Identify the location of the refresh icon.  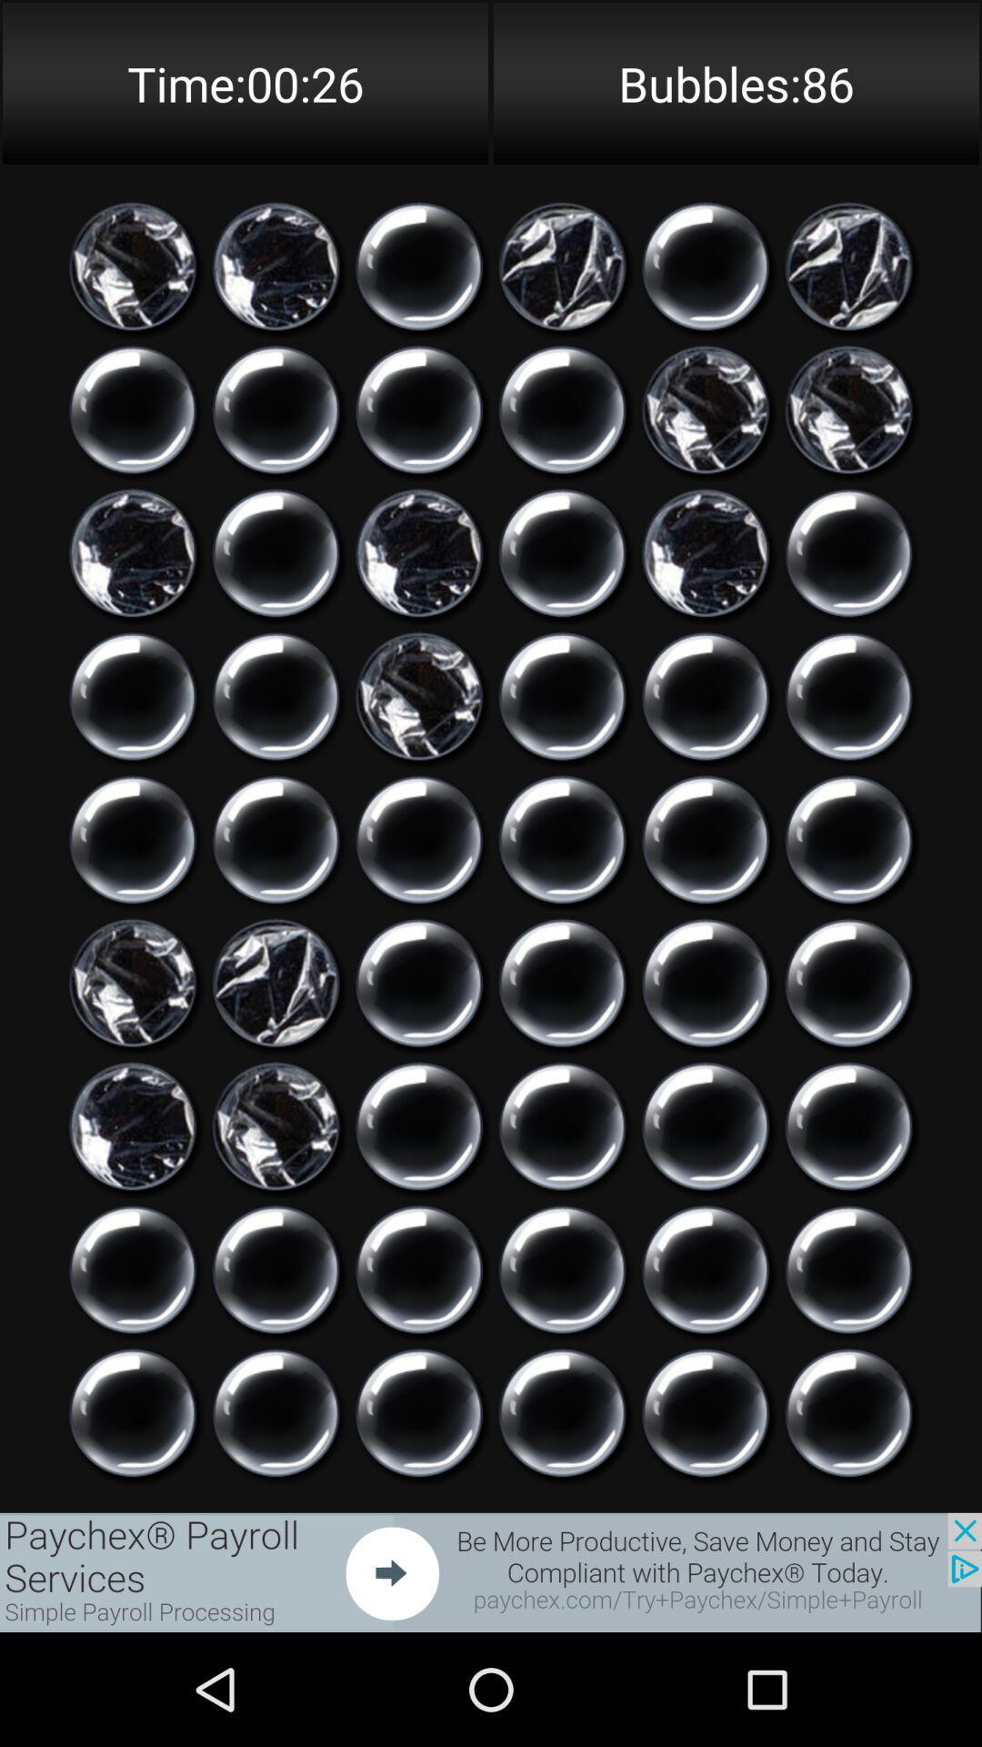
(561, 899).